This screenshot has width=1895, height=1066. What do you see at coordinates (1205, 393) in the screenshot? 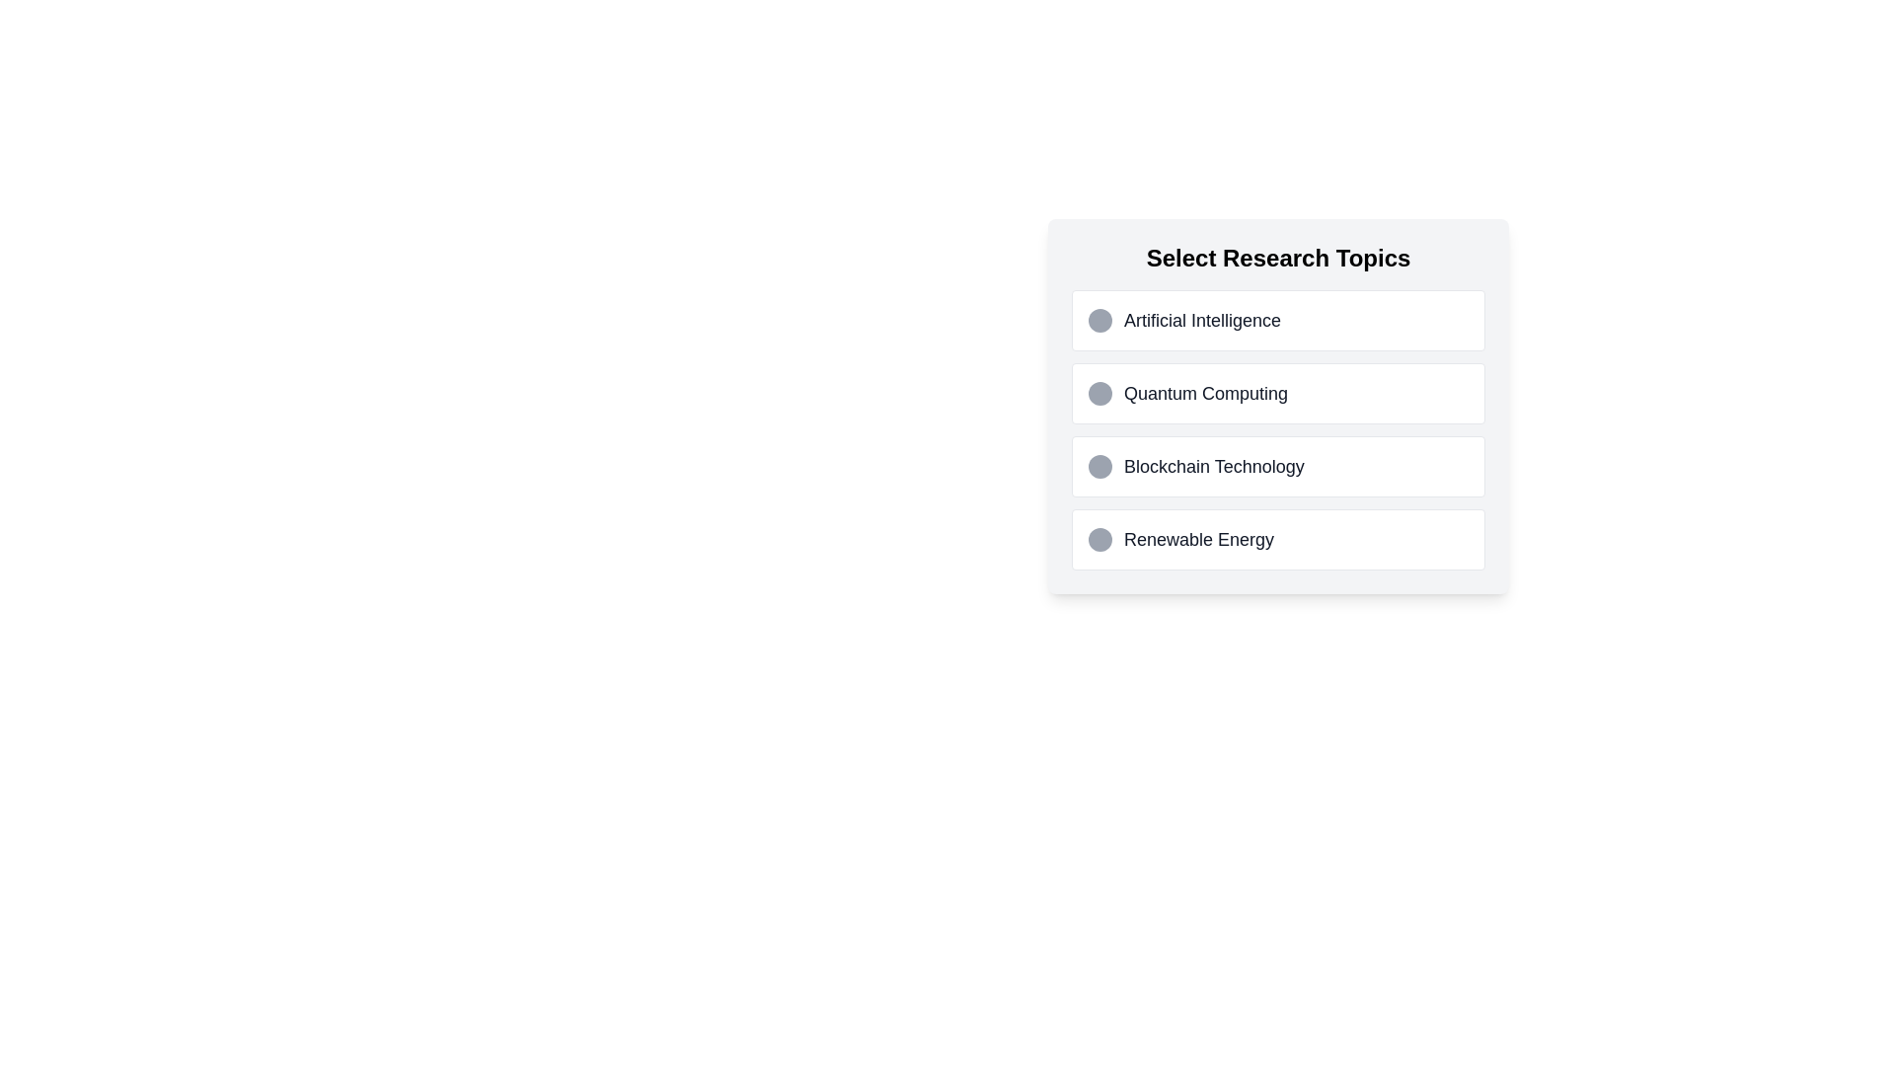
I see `the text label displaying 'Quantum Computing', which is styled in a larger dark gray sans-serif font and positioned below 'Artificial Intelligence' in a vertical list of research topics` at bounding box center [1205, 393].